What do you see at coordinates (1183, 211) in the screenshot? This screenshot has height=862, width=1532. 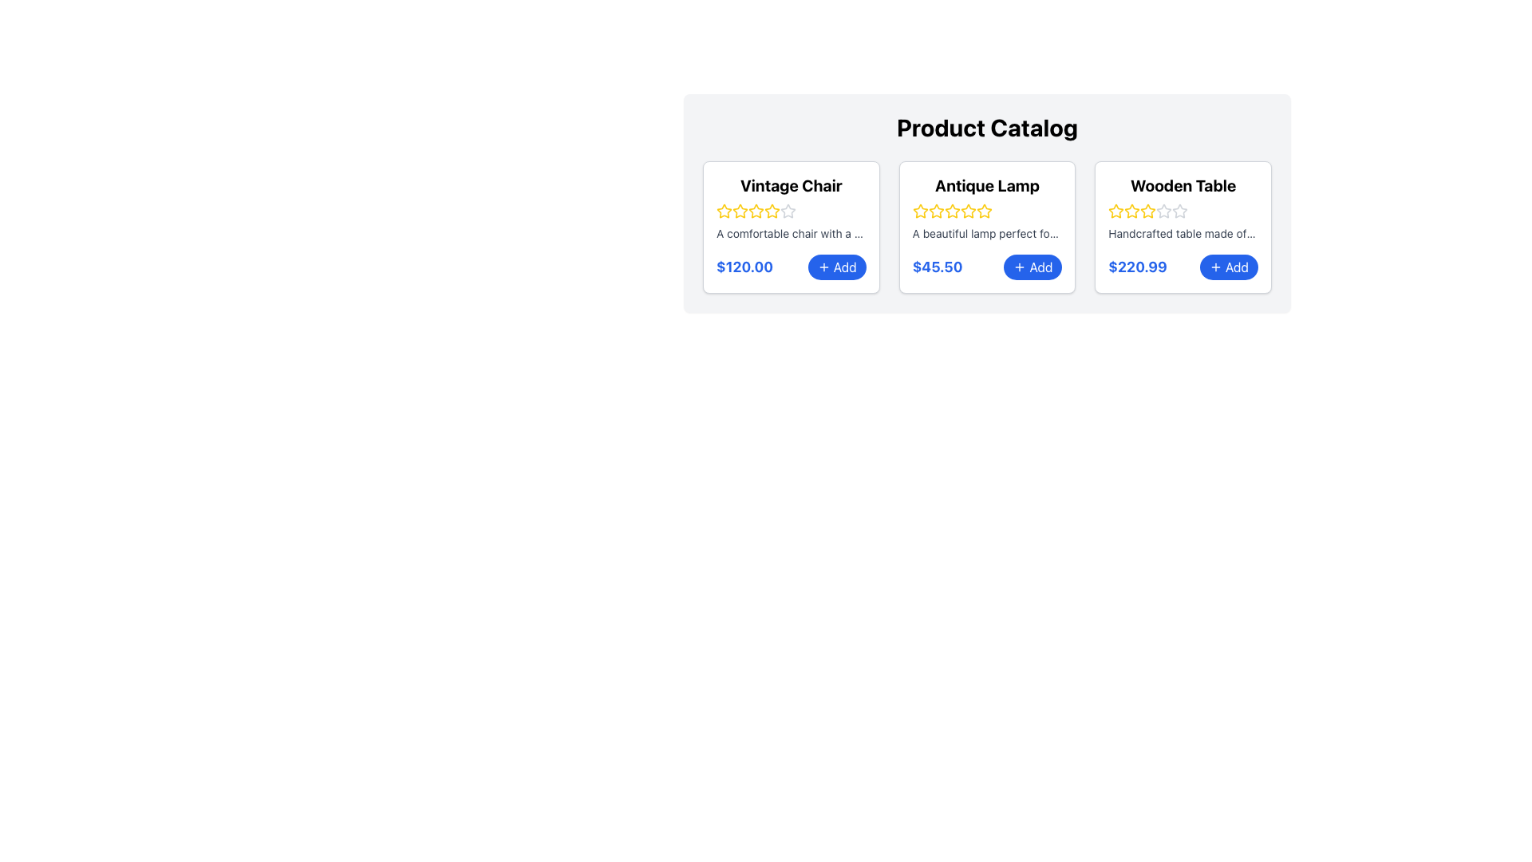 I see `the rating indicator located within the card titled 'Wooden Table', positioned just below the title and above the description text` at bounding box center [1183, 211].